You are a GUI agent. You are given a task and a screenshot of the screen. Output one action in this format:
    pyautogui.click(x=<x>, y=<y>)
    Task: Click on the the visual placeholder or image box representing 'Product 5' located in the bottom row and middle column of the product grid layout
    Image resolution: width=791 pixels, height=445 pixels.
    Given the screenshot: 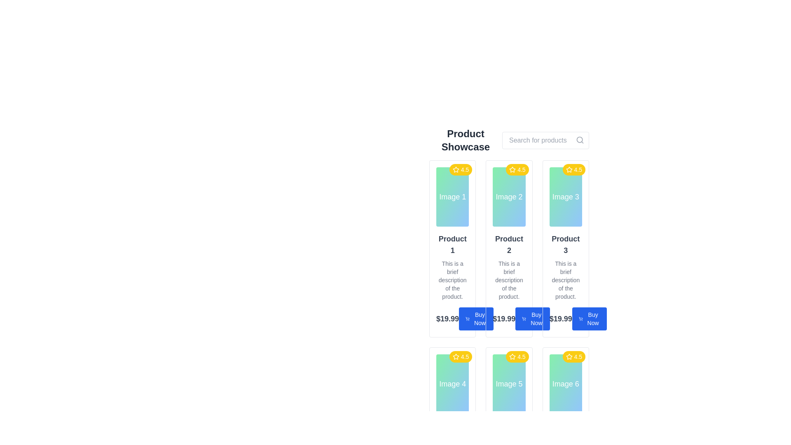 What is the action you would take?
    pyautogui.click(x=508, y=384)
    